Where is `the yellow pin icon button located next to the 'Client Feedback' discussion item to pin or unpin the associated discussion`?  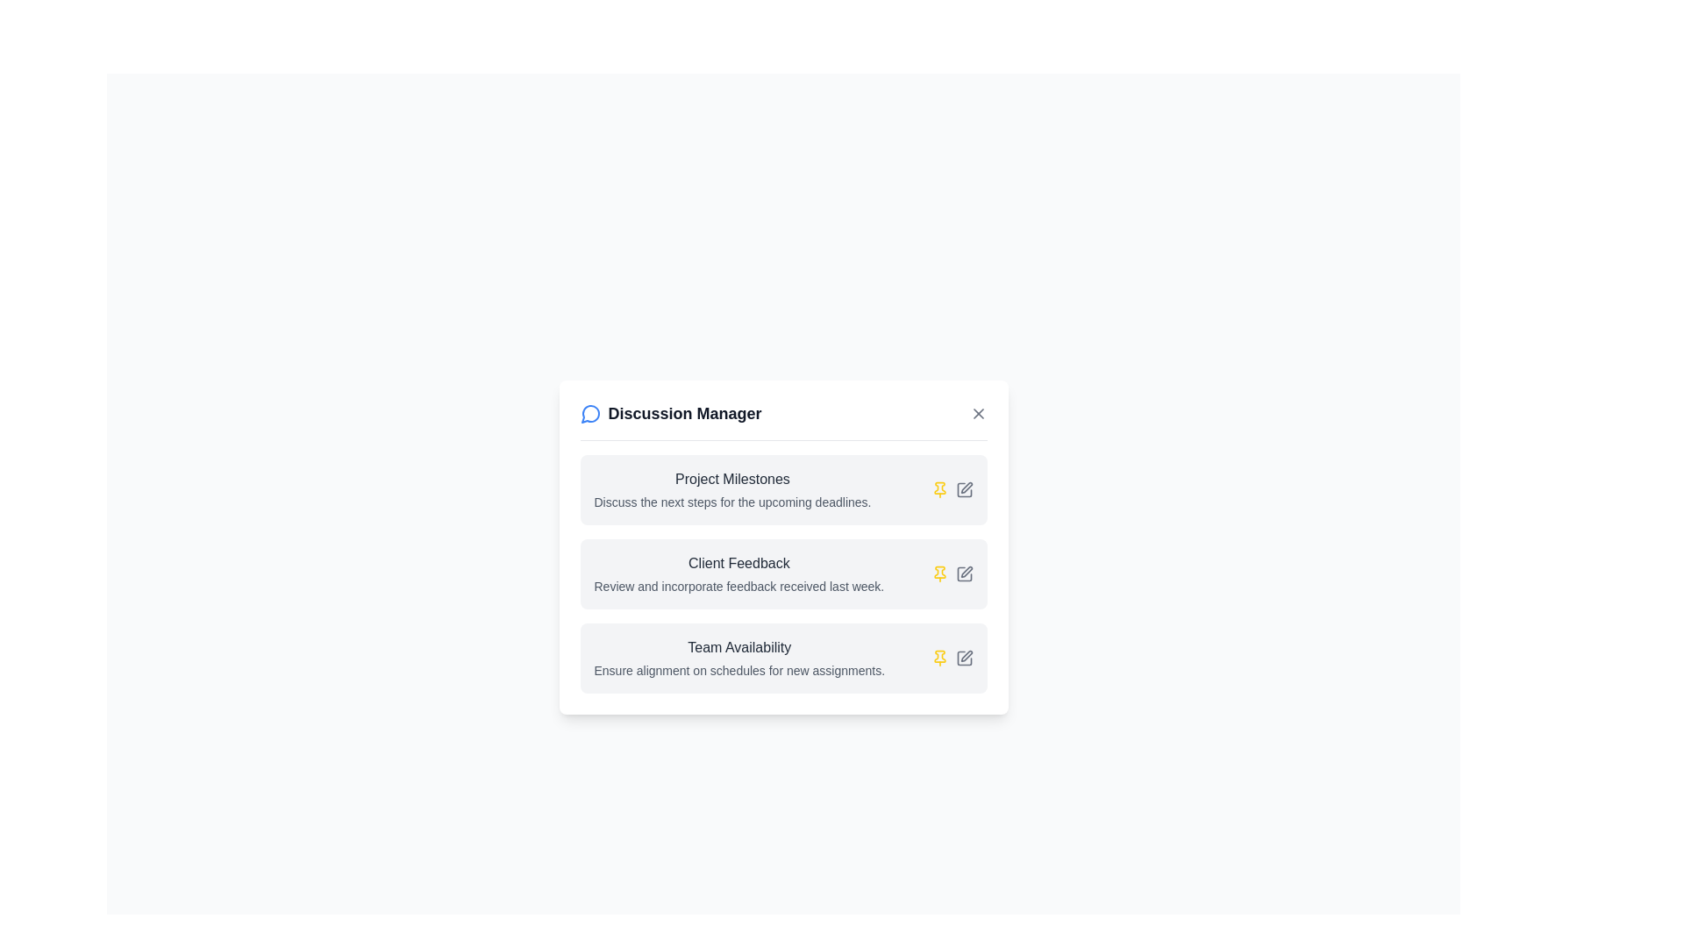
the yellow pin icon button located next to the 'Client Feedback' discussion item to pin or unpin the associated discussion is located at coordinates (938, 489).